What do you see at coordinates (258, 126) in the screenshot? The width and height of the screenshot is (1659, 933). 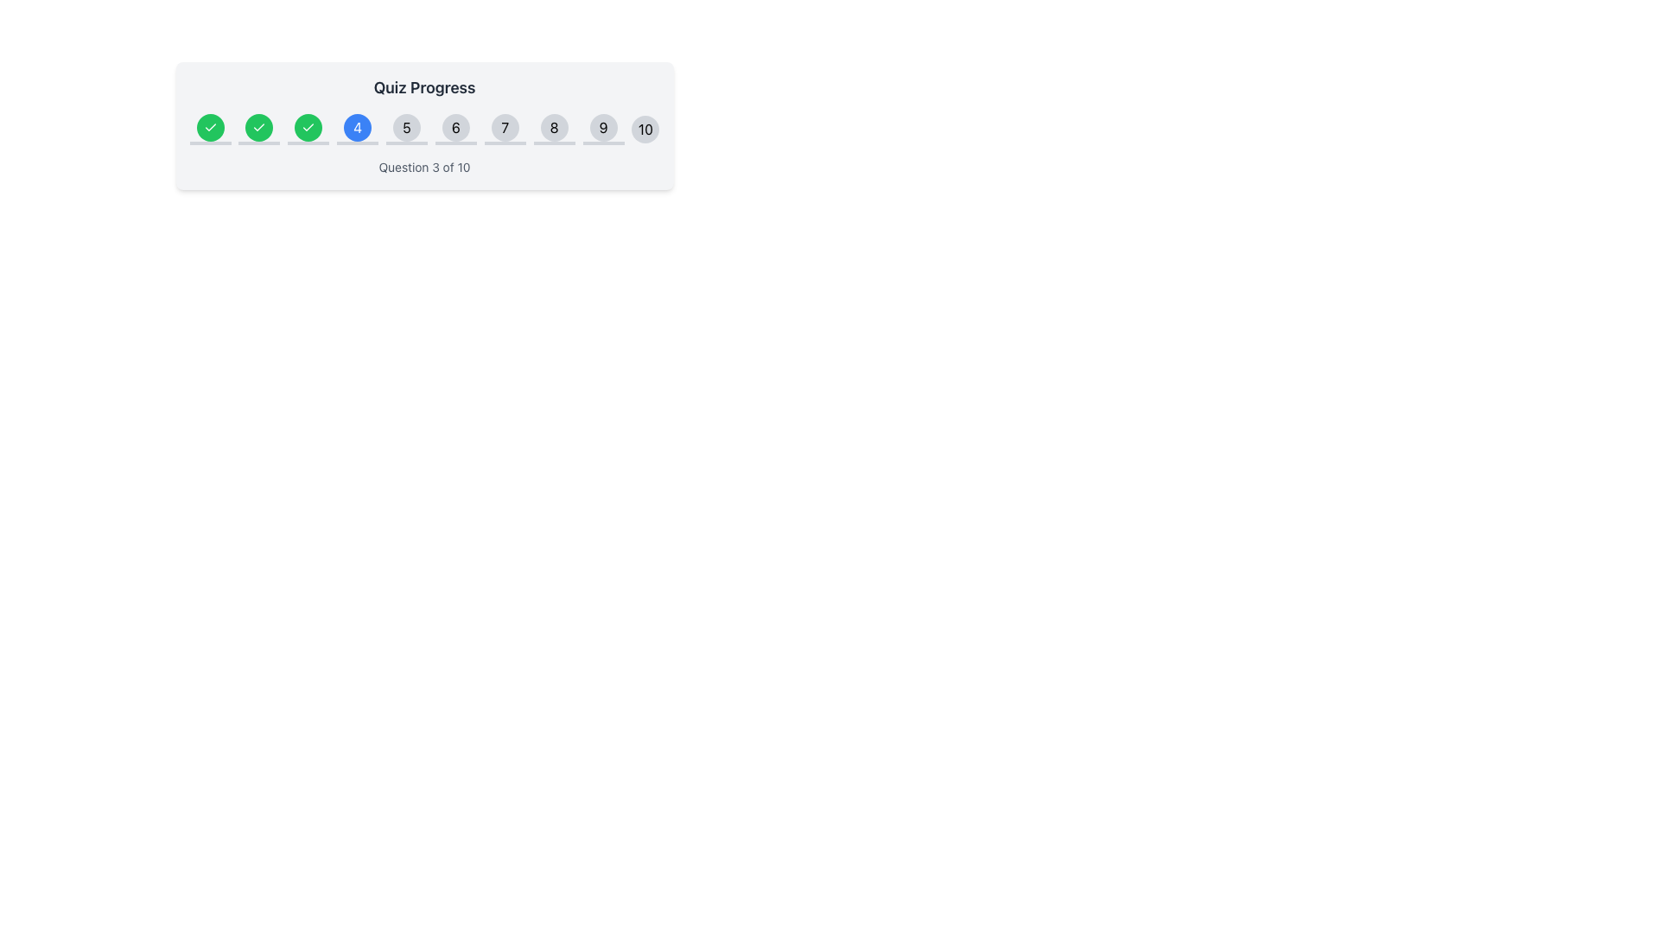 I see `the status of the checkmark icon with a circular green background and white checkmark, located in the second position of the completed steps in the 'Quiz Progress' bar` at bounding box center [258, 126].